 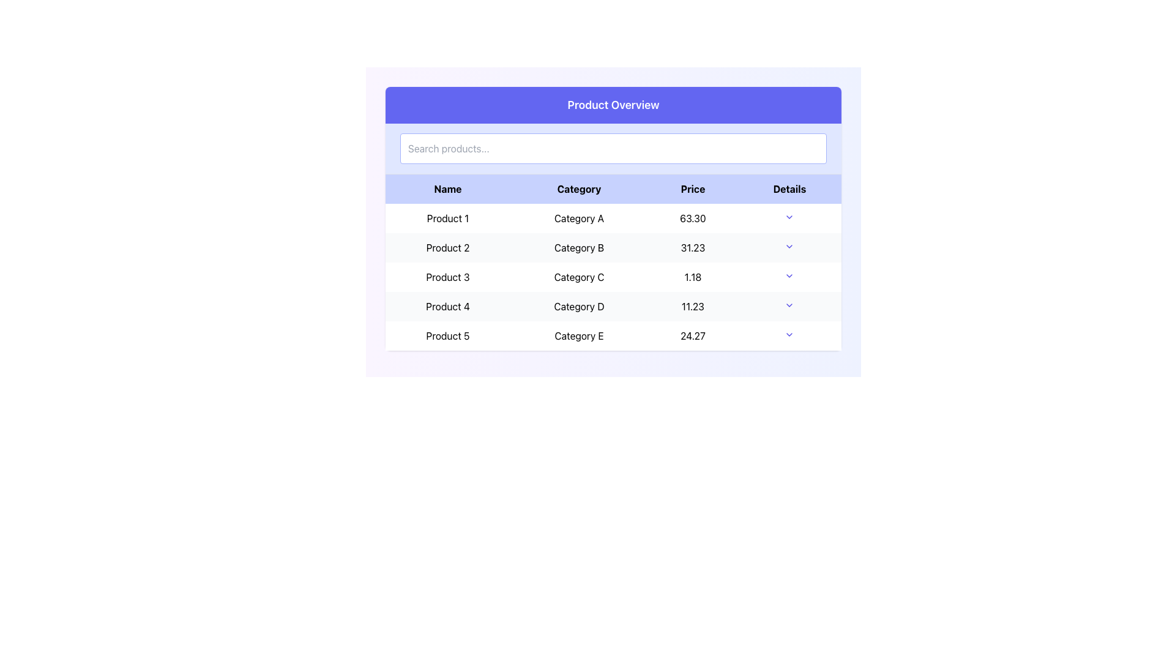 What do you see at coordinates (789, 277) in the screenshot?
I see `the dropdown toggle icon, which is an indigo blue downward-facing arrow located in the 'Details' column of the 'Product 3' row in the table` at bounding box center [789, 277].